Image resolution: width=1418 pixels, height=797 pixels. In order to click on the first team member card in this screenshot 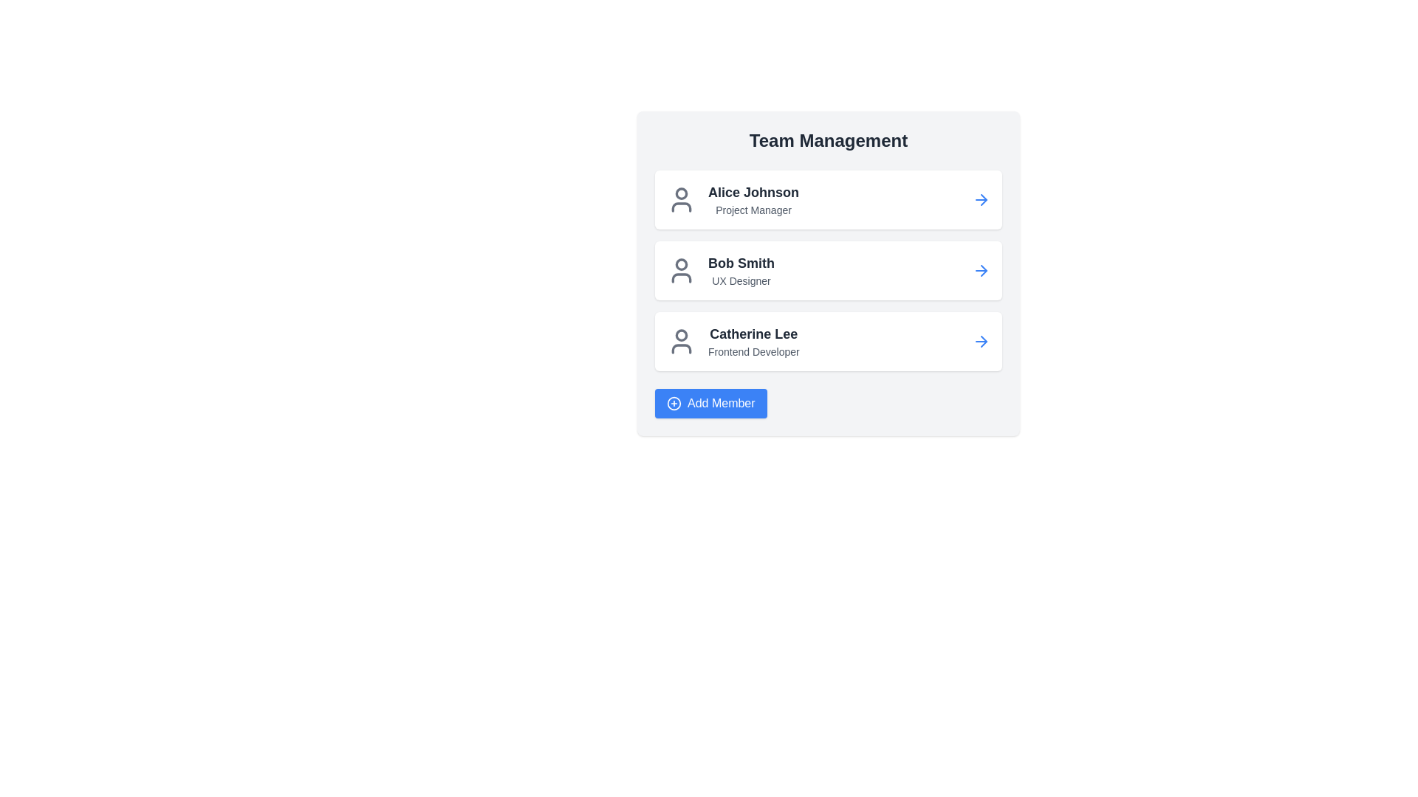, I will do `click(829, 199)`.